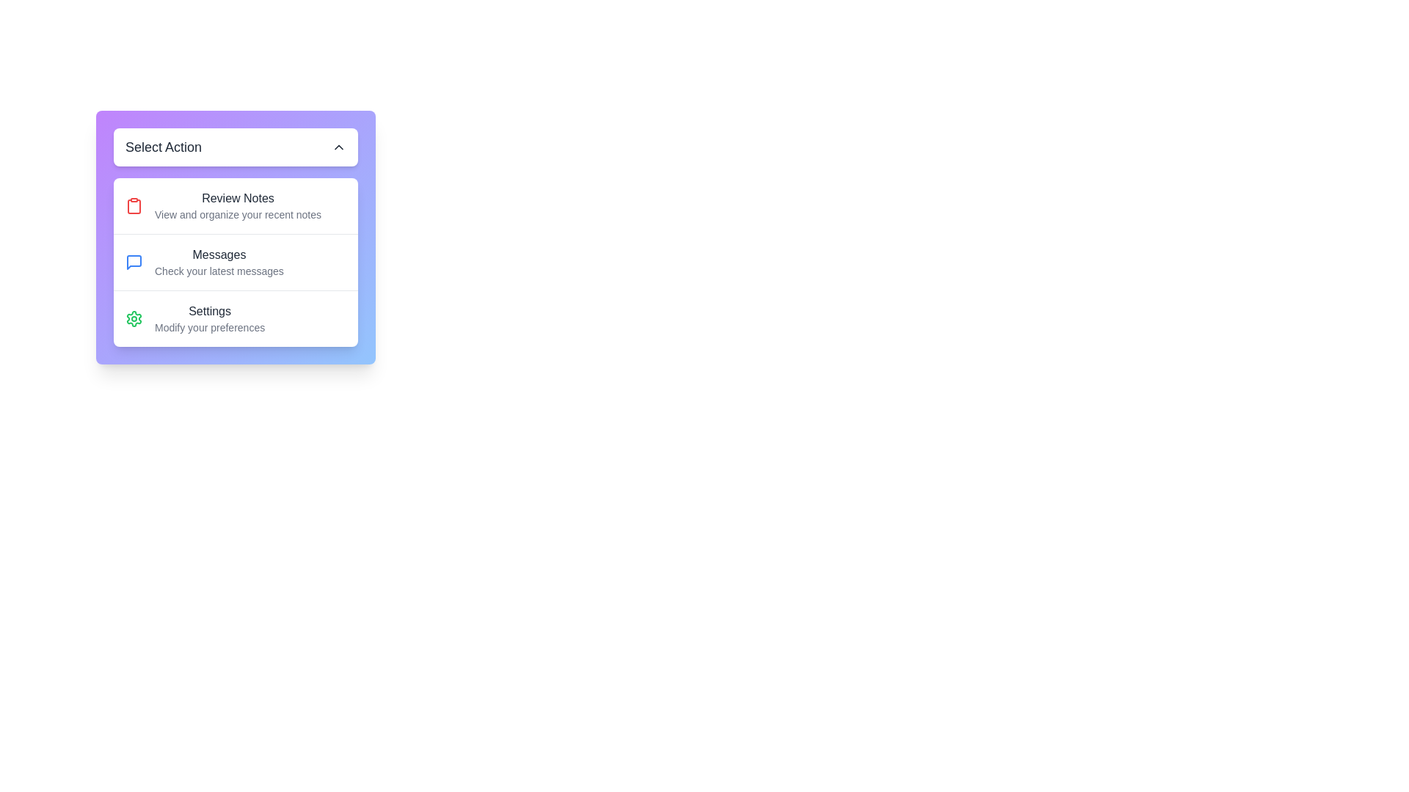  What do you see at coordinates (134, 318) in the screenshot?
I see `the gear-like circular icon with a green outline located in the settings row of the action selection menu` at bounding box center [134, 318].